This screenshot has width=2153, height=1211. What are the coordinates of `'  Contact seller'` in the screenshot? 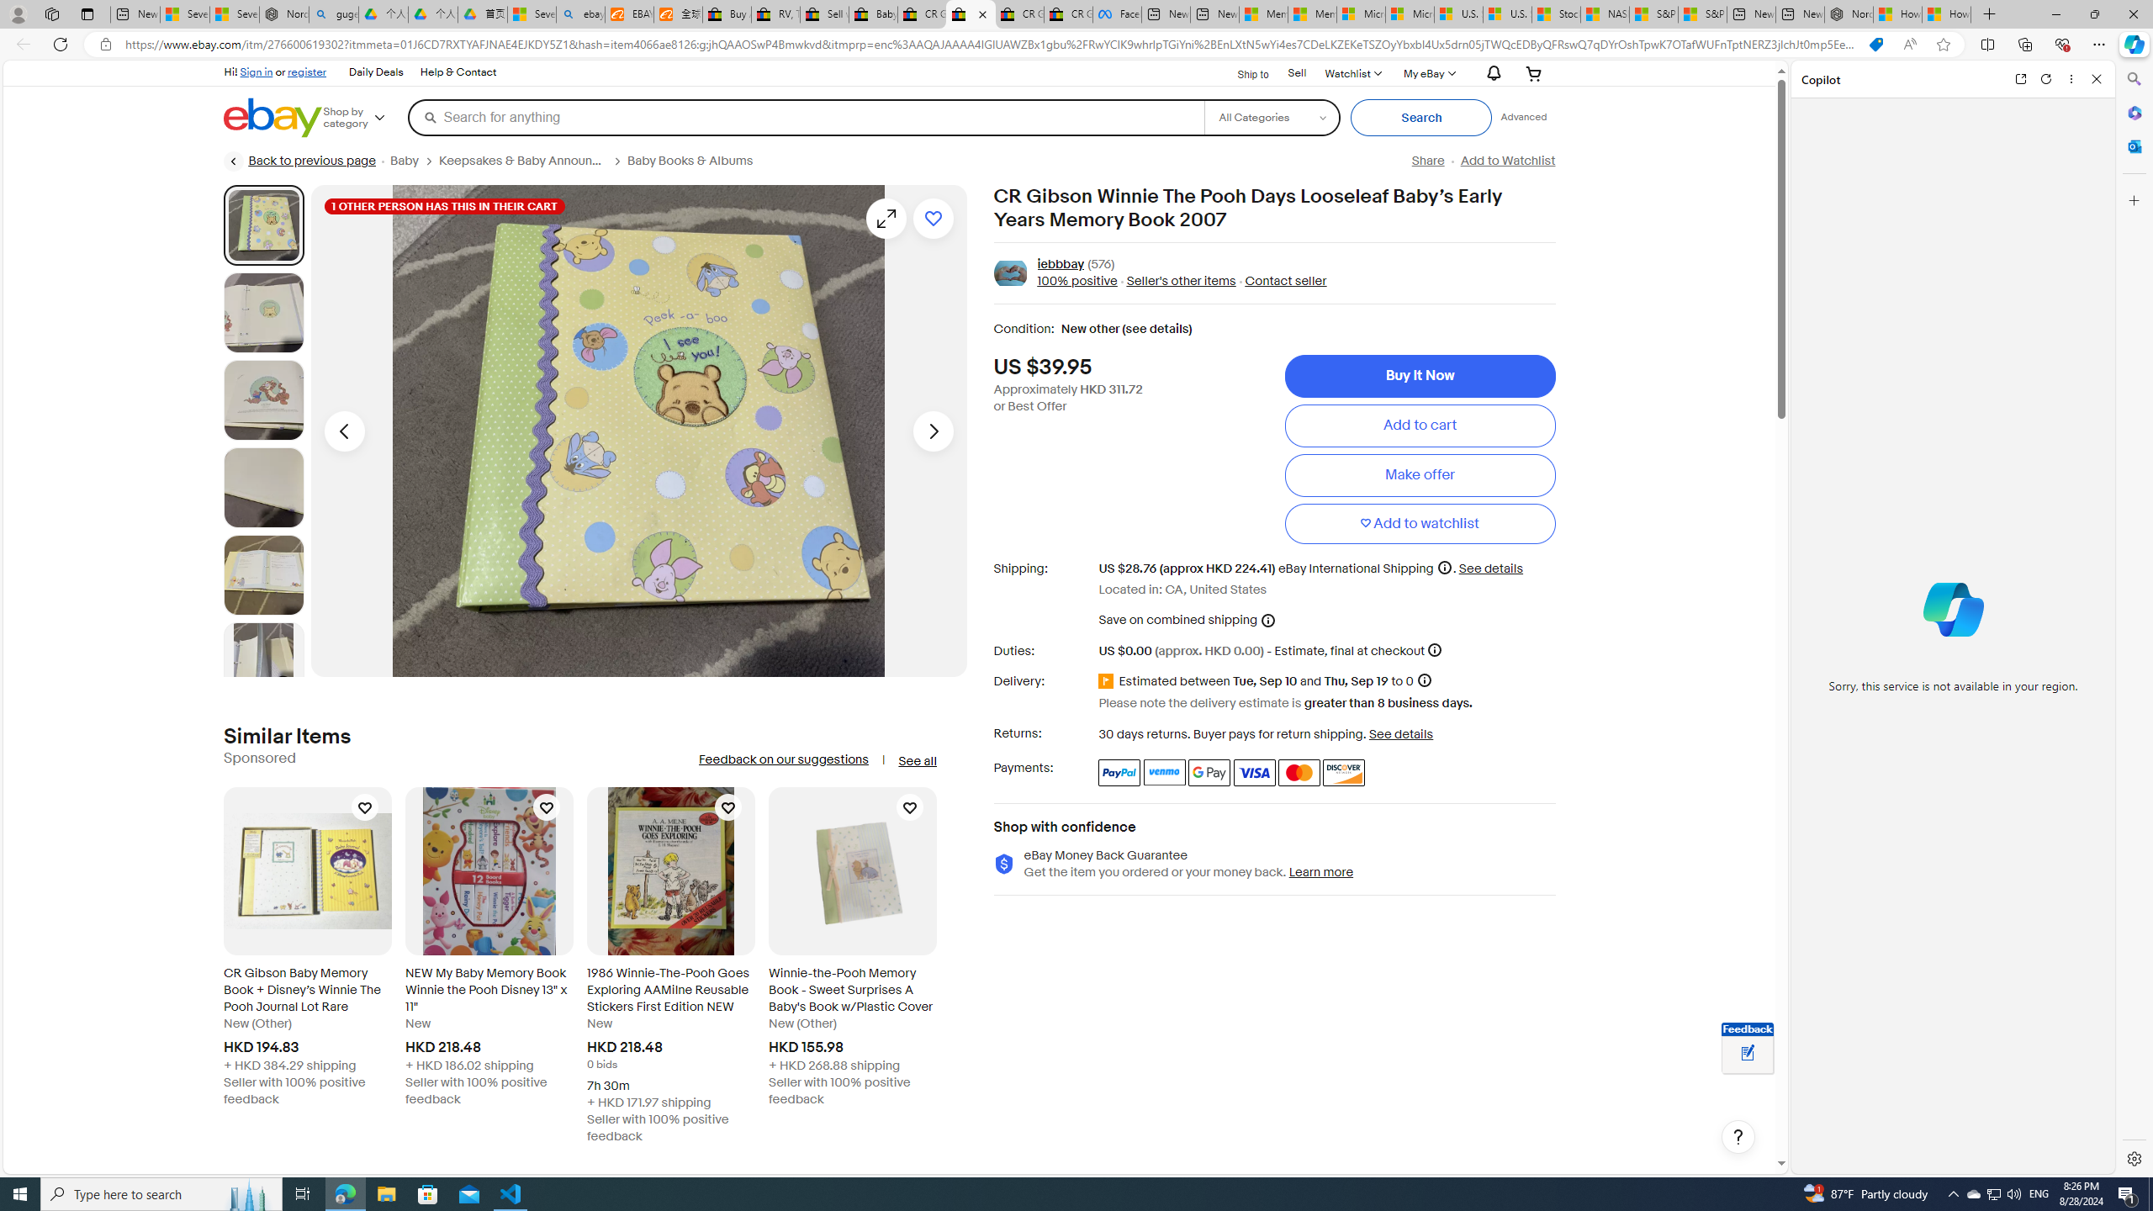 It's located at (1280, 281).